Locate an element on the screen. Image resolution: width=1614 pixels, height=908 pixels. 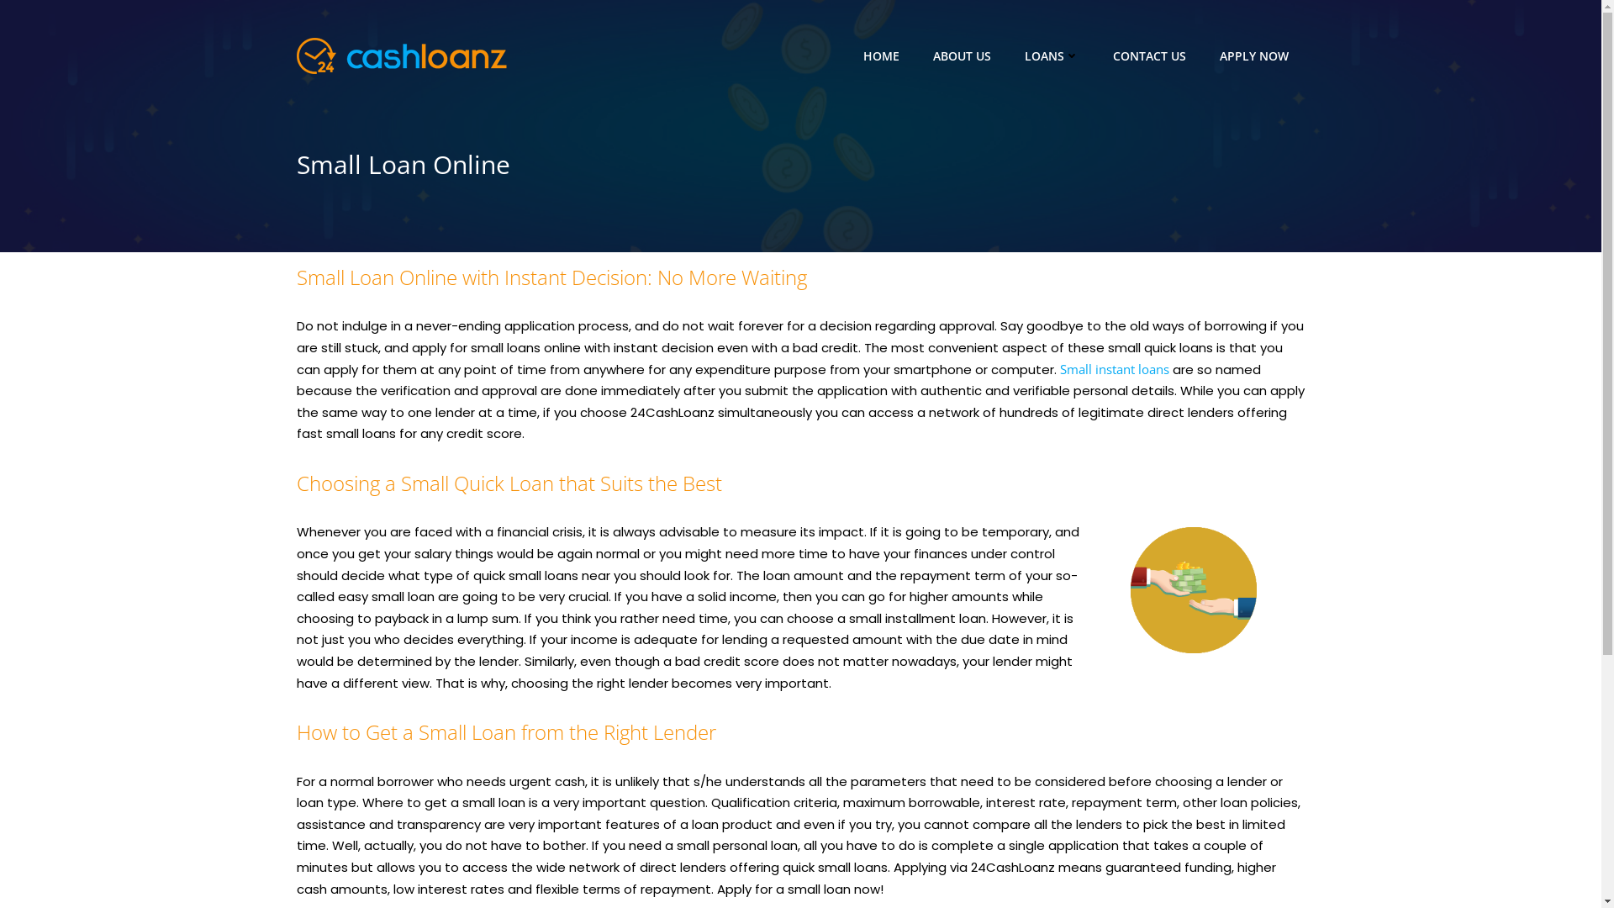
'HOME' is located at coordinates (879, 55).